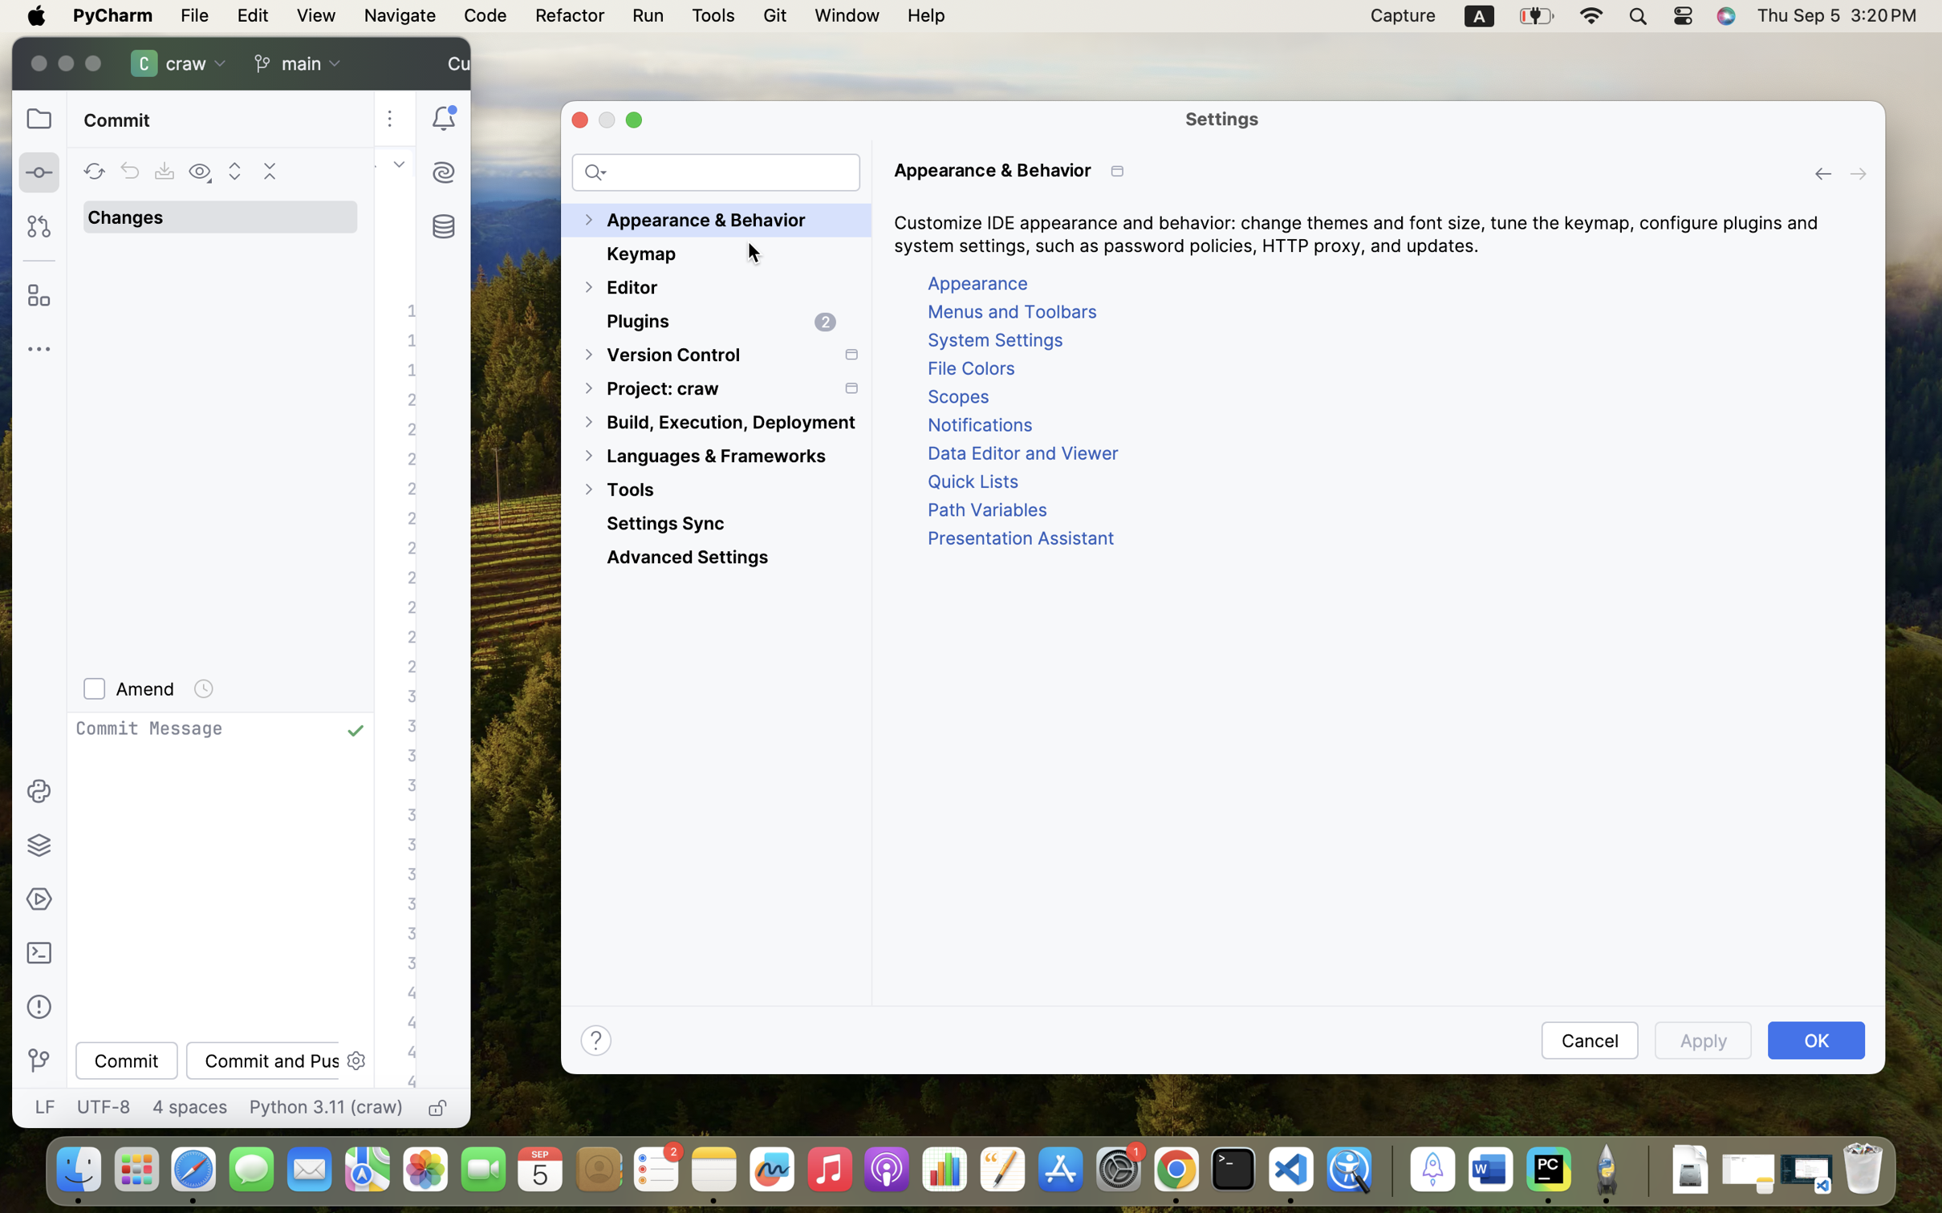 The image size is (1942, 1213). What do you see at coordinates (1388, 1170) in the screenshot?
I see `'0.4285714328289032'` at bounding box center [1388, 1170].